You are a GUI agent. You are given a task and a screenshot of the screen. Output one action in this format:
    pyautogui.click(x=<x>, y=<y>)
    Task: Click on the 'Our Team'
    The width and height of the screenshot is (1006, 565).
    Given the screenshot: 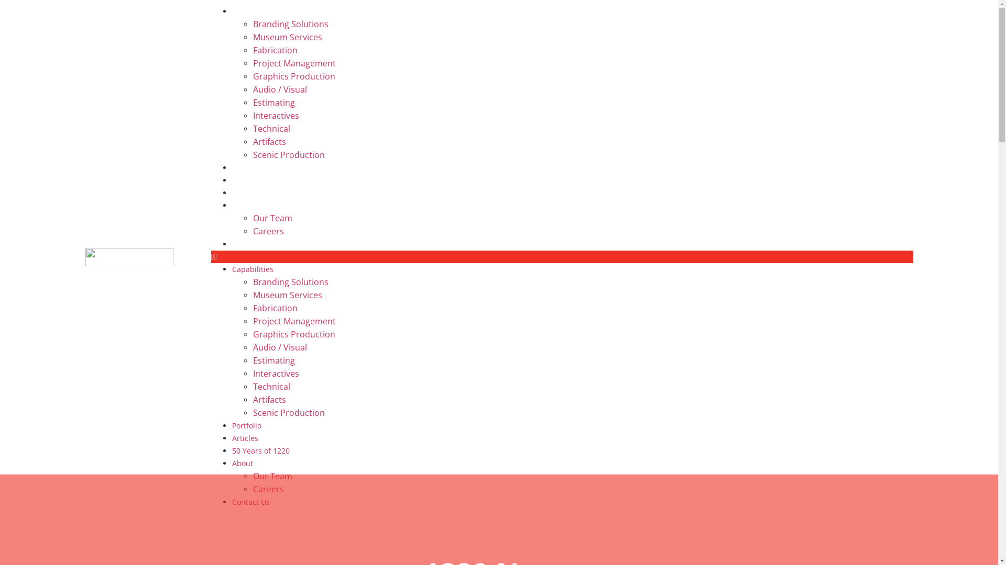 What is the action you would take?
    pyautogui.click(x=272, y=476)
    